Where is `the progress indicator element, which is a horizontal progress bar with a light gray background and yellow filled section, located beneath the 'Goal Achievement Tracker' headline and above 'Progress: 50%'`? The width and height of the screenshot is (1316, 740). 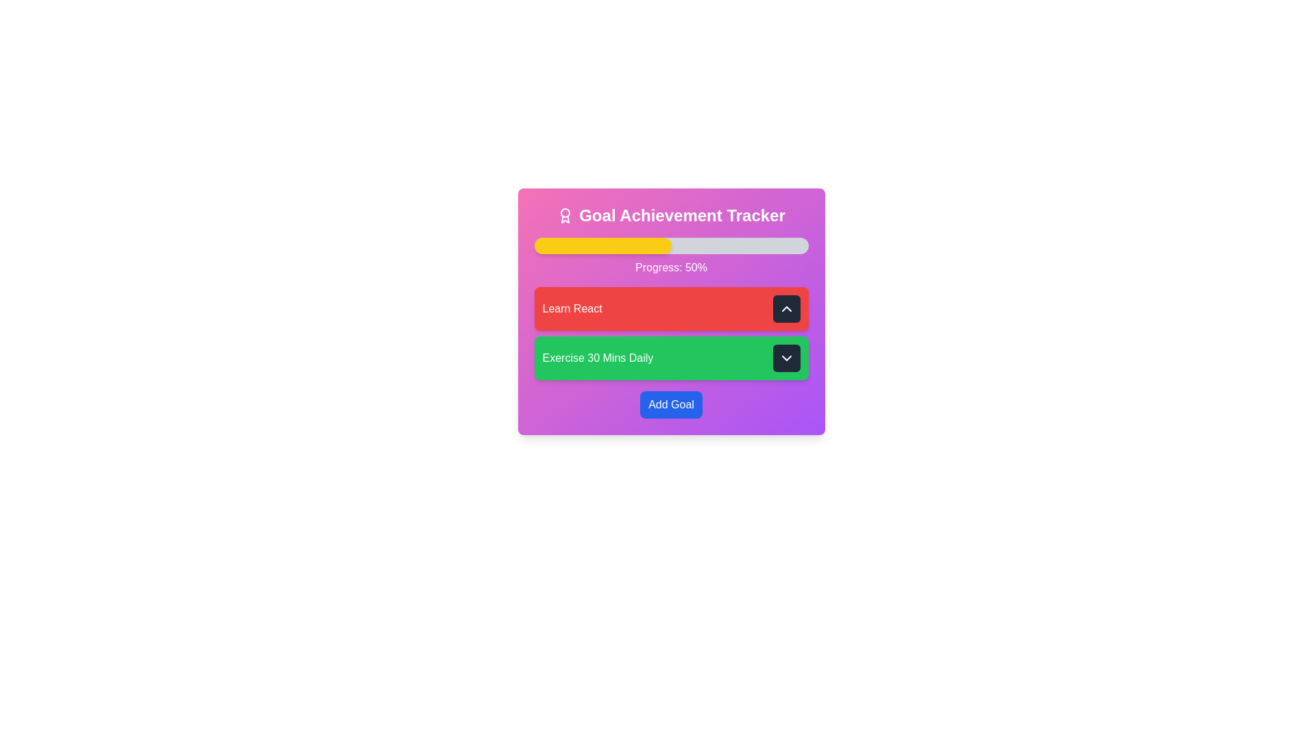
the progress indicator element, which is a horizontal progress bar with a light gray background and yellow filled section, located beneath the 'Goal Achievement Tracker' headline and above 'Progress: 50%' is located at coordinates (671, 245).